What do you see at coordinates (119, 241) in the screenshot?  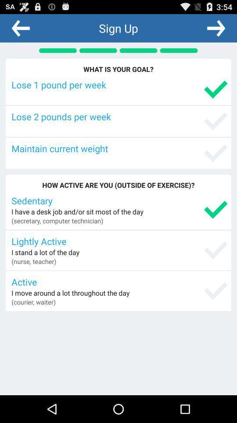 I see `lightly active icon` at bounding box center [119, 241].